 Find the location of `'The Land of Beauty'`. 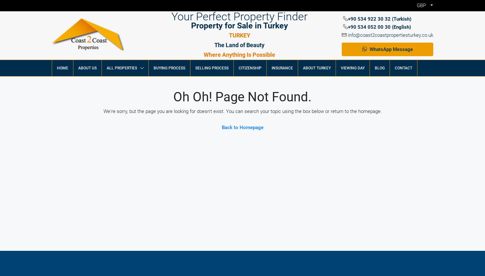

'The Land of Beauty' is located at coordinates (239, 45).